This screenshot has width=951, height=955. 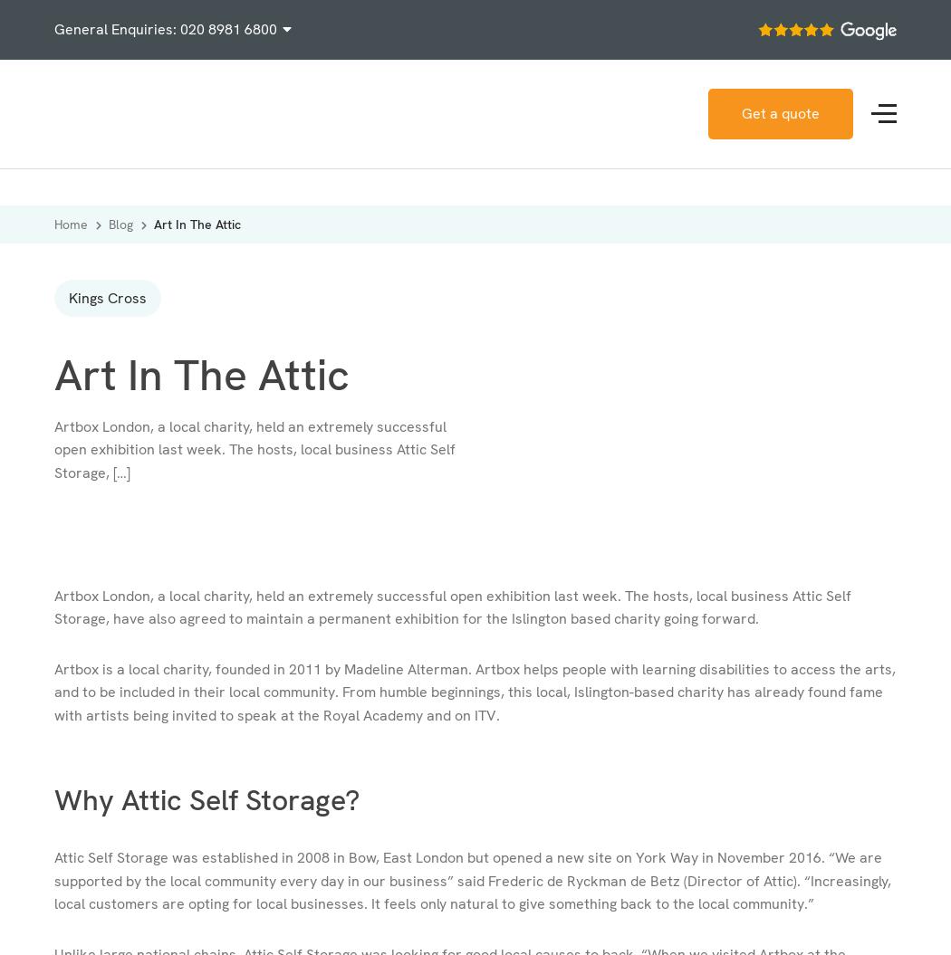 I want to click on 'Kings Cross', so click(x=106, y=296).